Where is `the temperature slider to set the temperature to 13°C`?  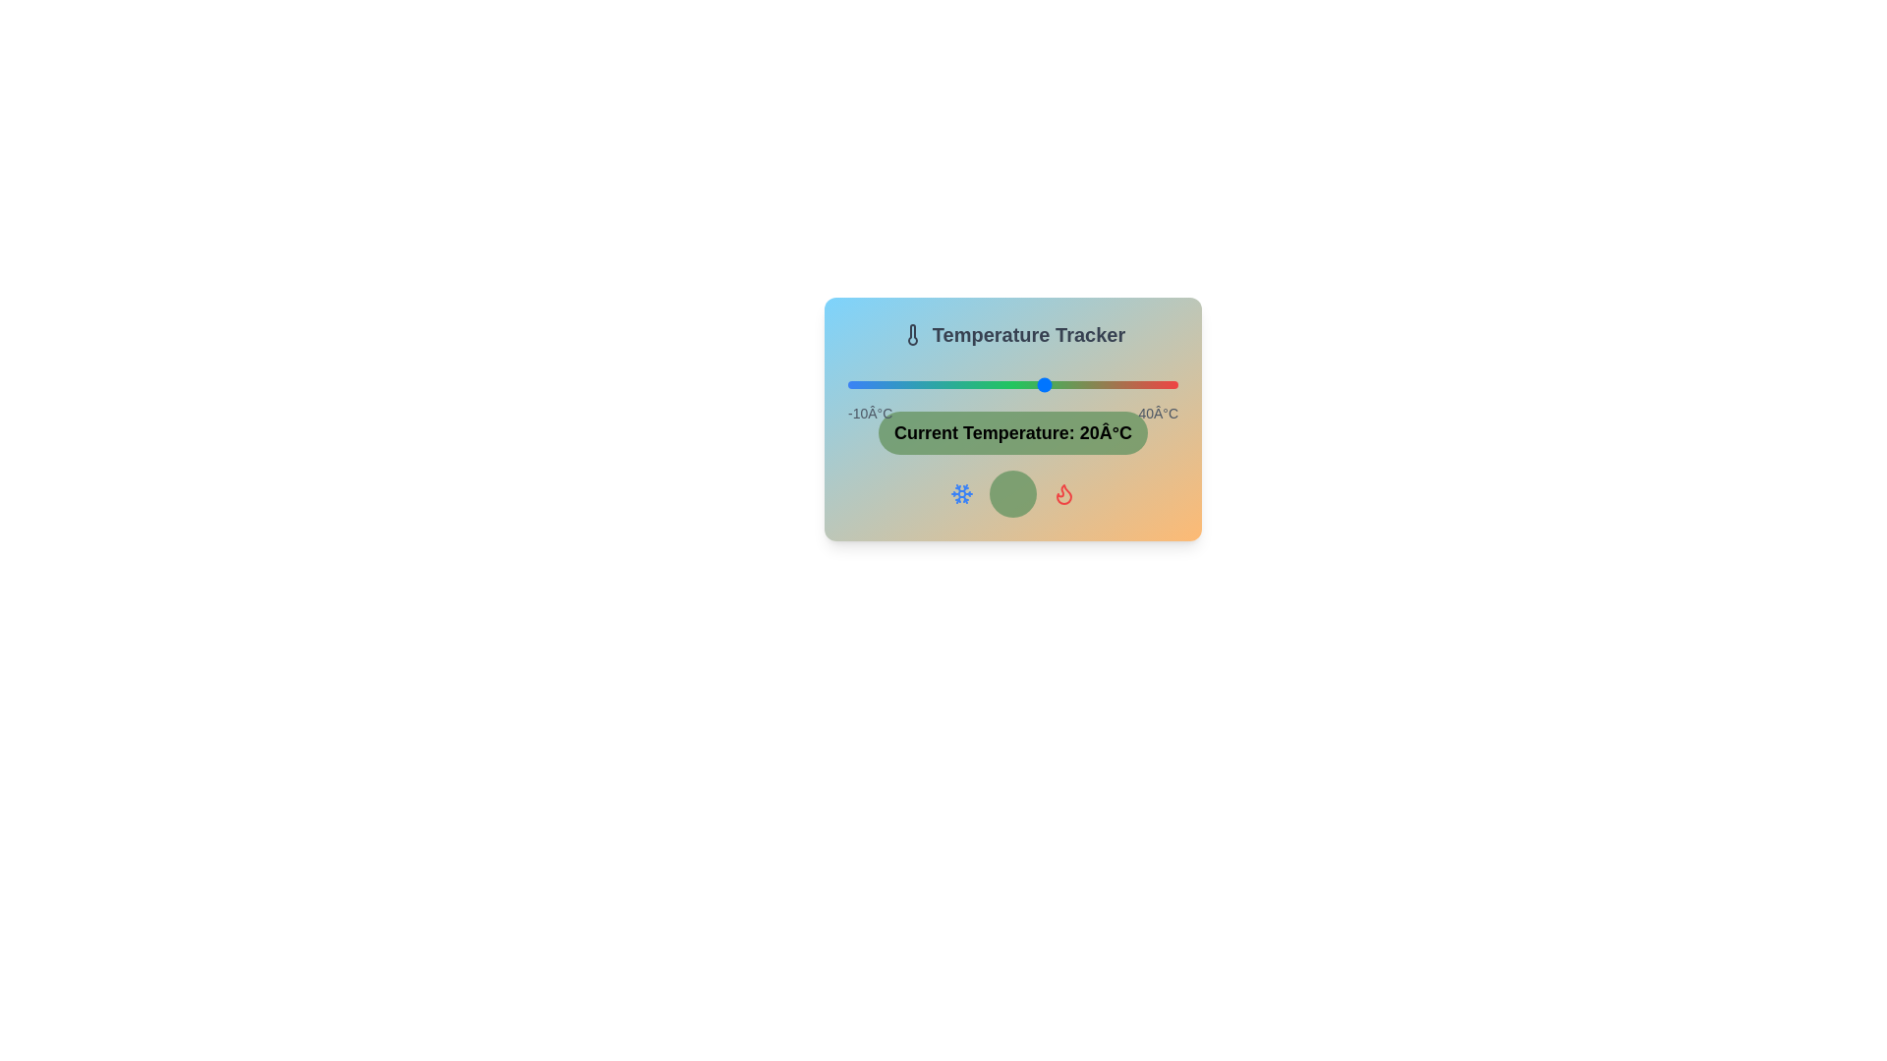
the temperature slider to set the temperature to 13°C is located at coordinates (1000, 385).